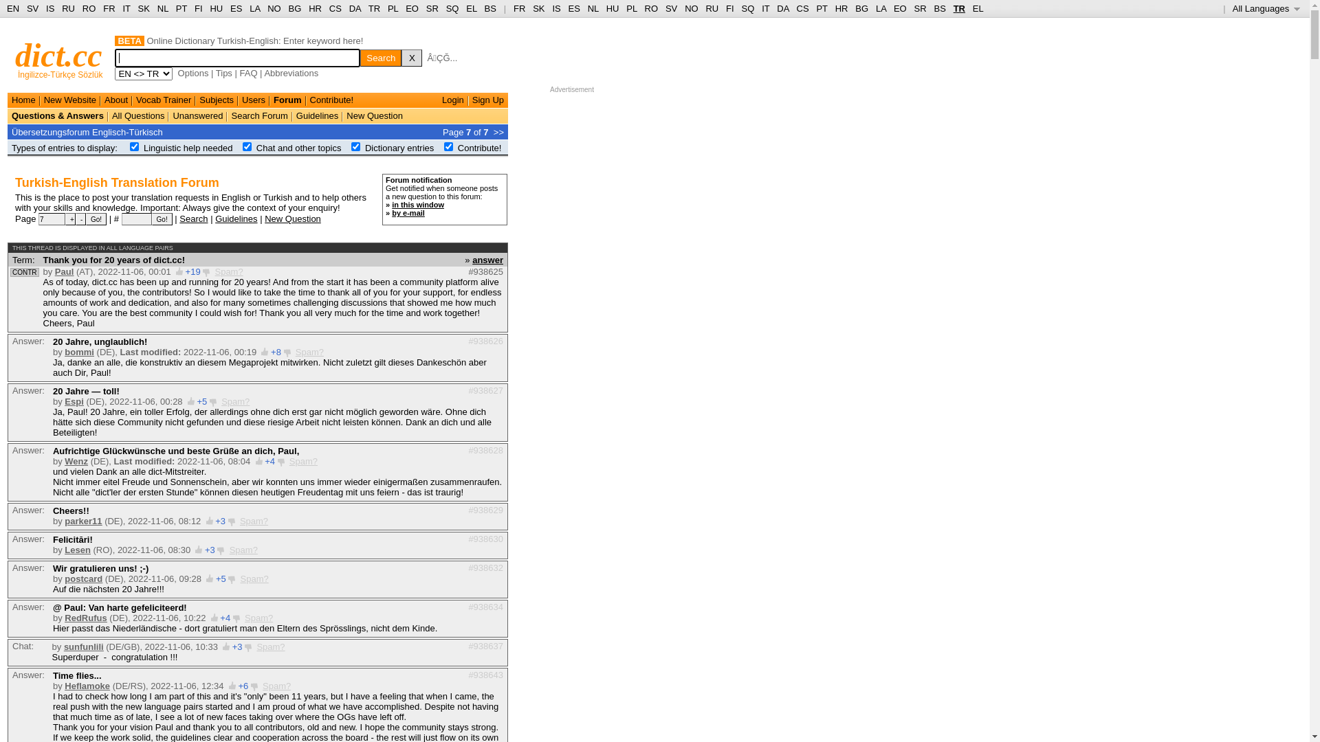  What do you see at coordinates (175, 8) in the screenshot?
I see `'PT'` at bounding box center [175, 8].